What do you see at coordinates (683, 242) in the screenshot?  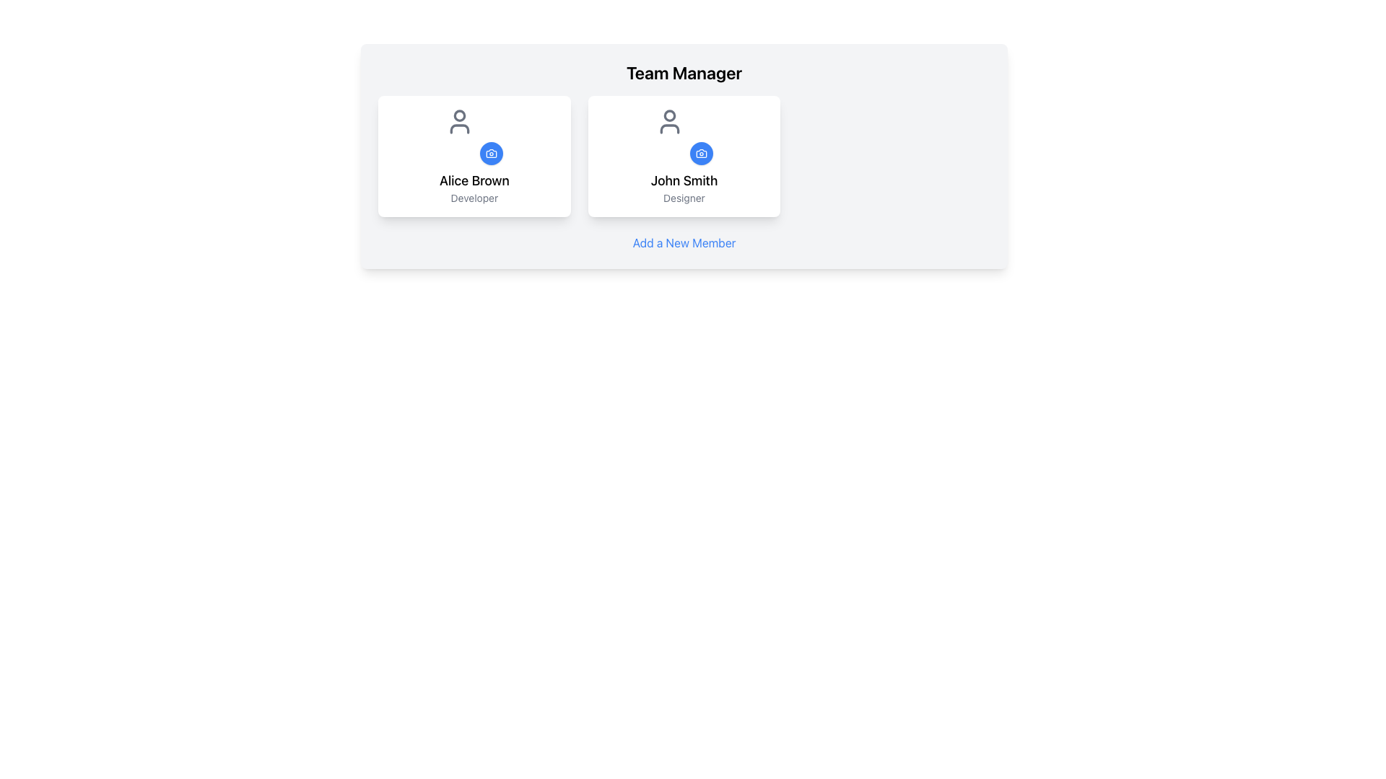 I see `the blue textual hyperlink 'Add a New Member' located at the bottom of the grid layout` at bounding box center [683, 242].